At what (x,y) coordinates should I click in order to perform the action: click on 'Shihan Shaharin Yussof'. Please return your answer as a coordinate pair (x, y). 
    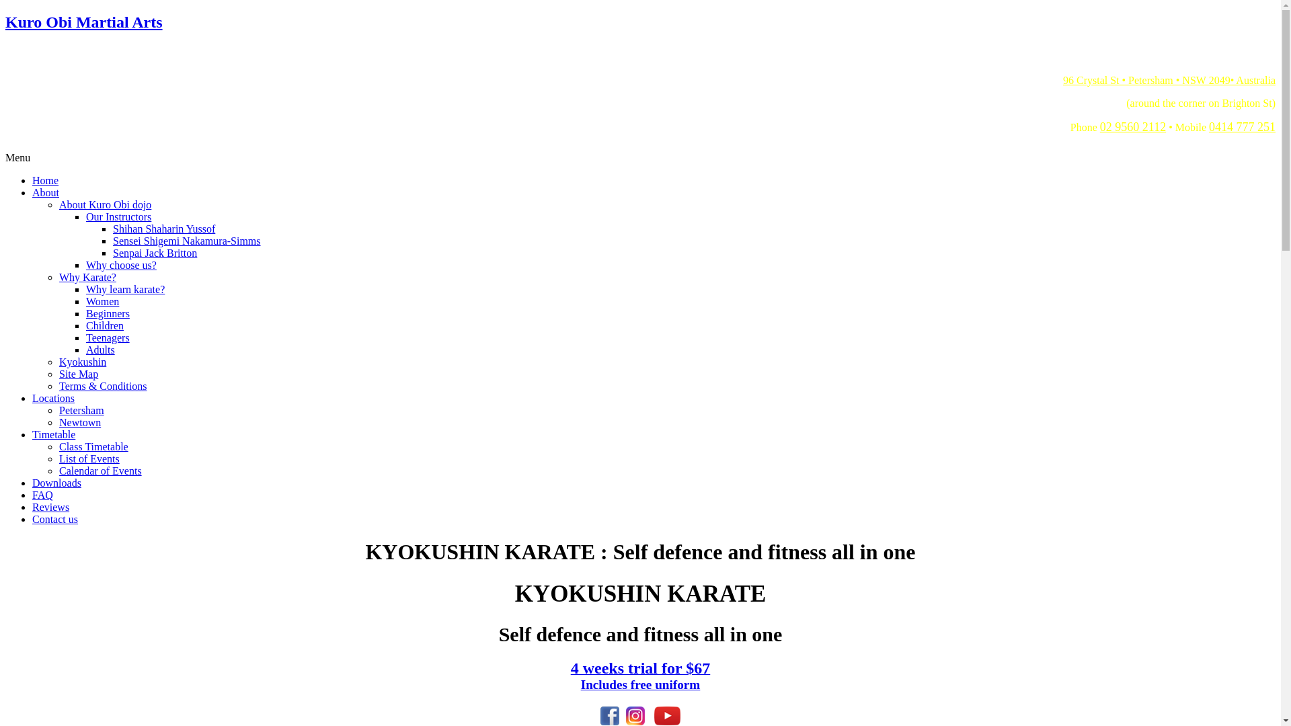
    Looking at the image, I should click on (163, 228).